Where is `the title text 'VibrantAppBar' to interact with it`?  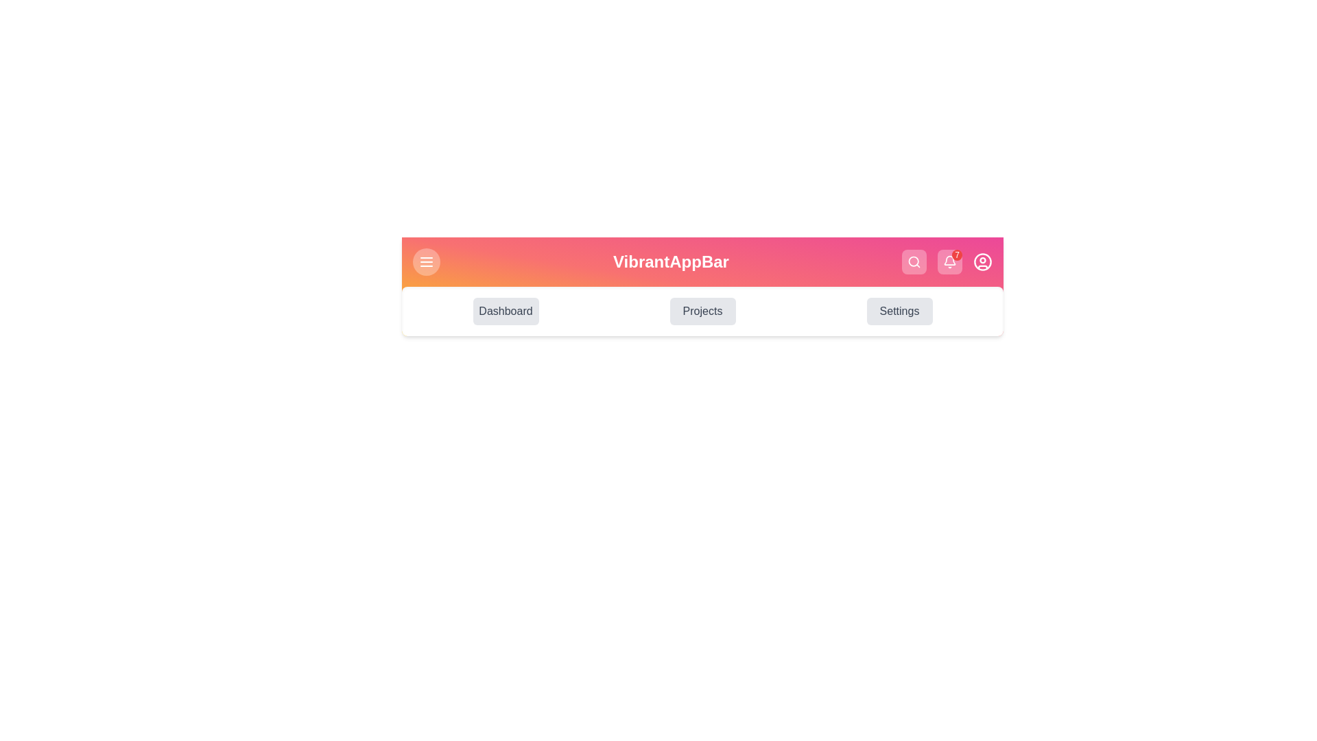 the title text 'VibrantAppBar' to interact with it is located at coordinates (671, 261).